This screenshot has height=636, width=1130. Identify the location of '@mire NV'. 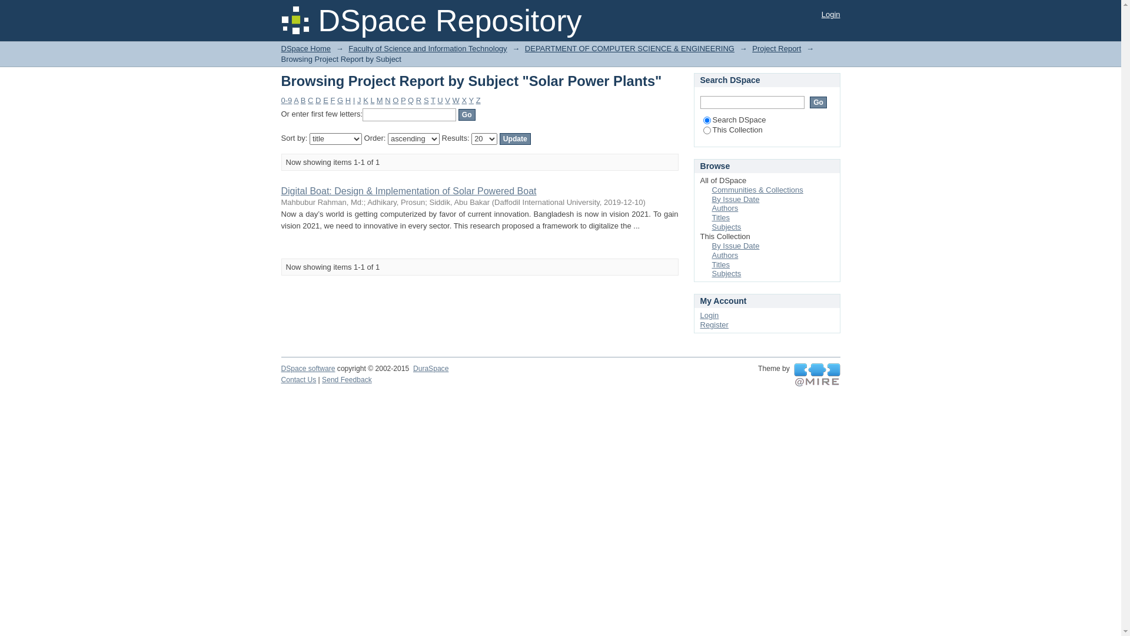
(816, 375).